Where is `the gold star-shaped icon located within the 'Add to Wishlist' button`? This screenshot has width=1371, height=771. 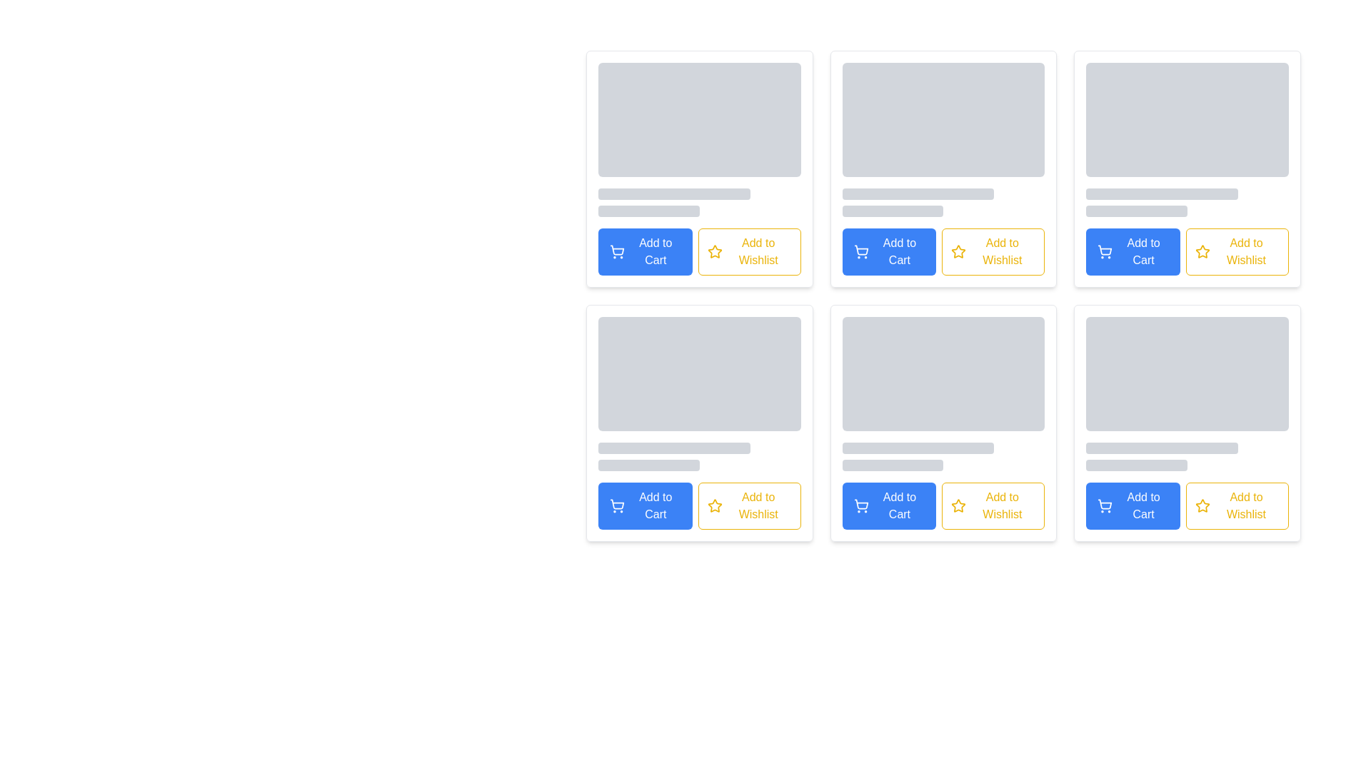
the gold star-shaped icon located within the 'Add to Wishlist' button is located at coordinates (1202, 251).